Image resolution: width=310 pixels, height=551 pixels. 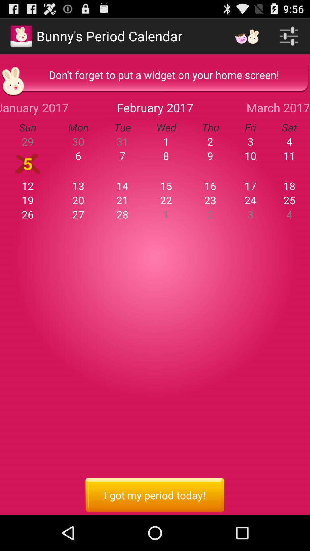 What do you see at coordinates (210, 200) in the screenshot?
I see `item next to the 17 item` at bounding box center [210, 200].